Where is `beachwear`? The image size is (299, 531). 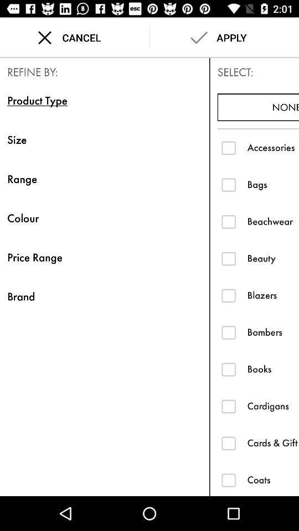
beachwear is located at coordinates (228, 221).